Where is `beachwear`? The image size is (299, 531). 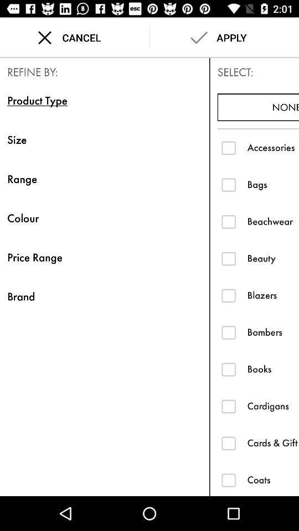
beachwear is located at coordinates (228, 221).